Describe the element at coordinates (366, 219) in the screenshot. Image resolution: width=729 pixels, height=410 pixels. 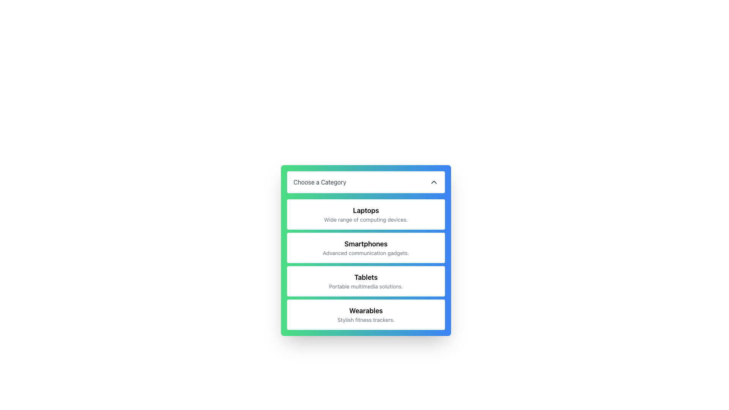
I see `text 'Wide range of computing devices.' located below the heading 'Laptops' within a white card` at that location.